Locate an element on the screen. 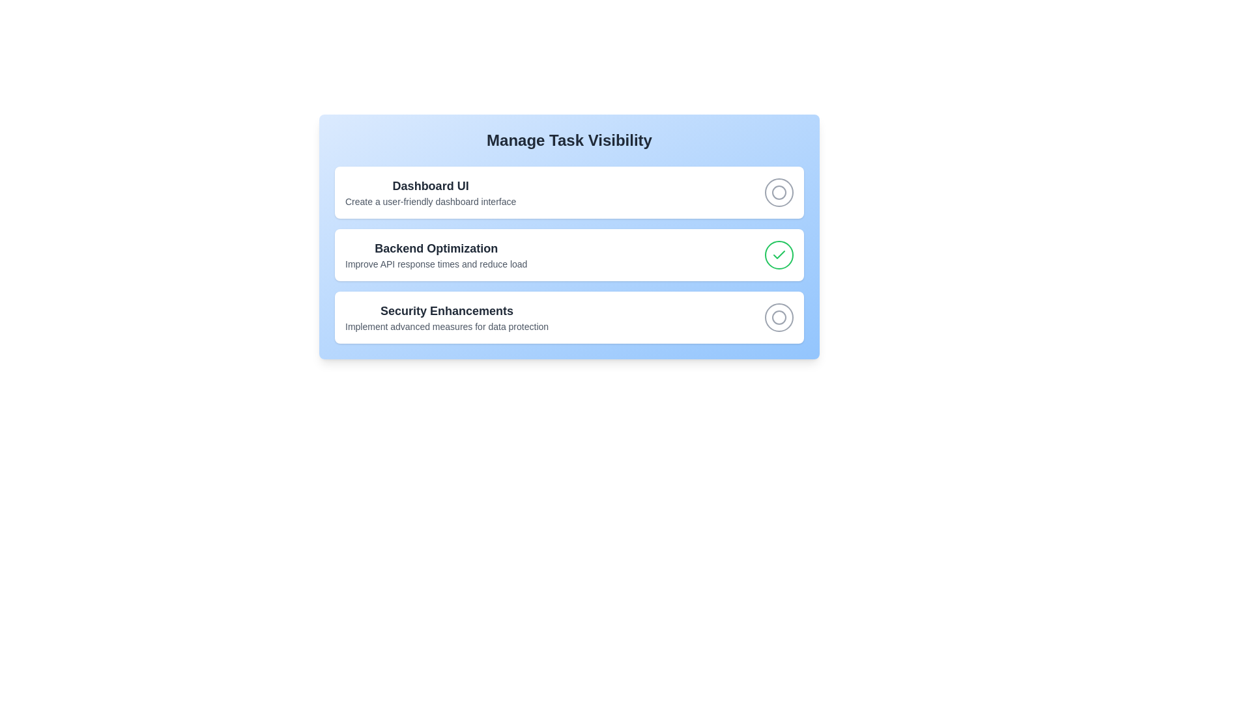  the Text Label that serves as the heading for the section detailing tasks related to backend optimization, located in the middle of the 'Manage Task Visibility' card-like section is located at coordinates (436, 248).